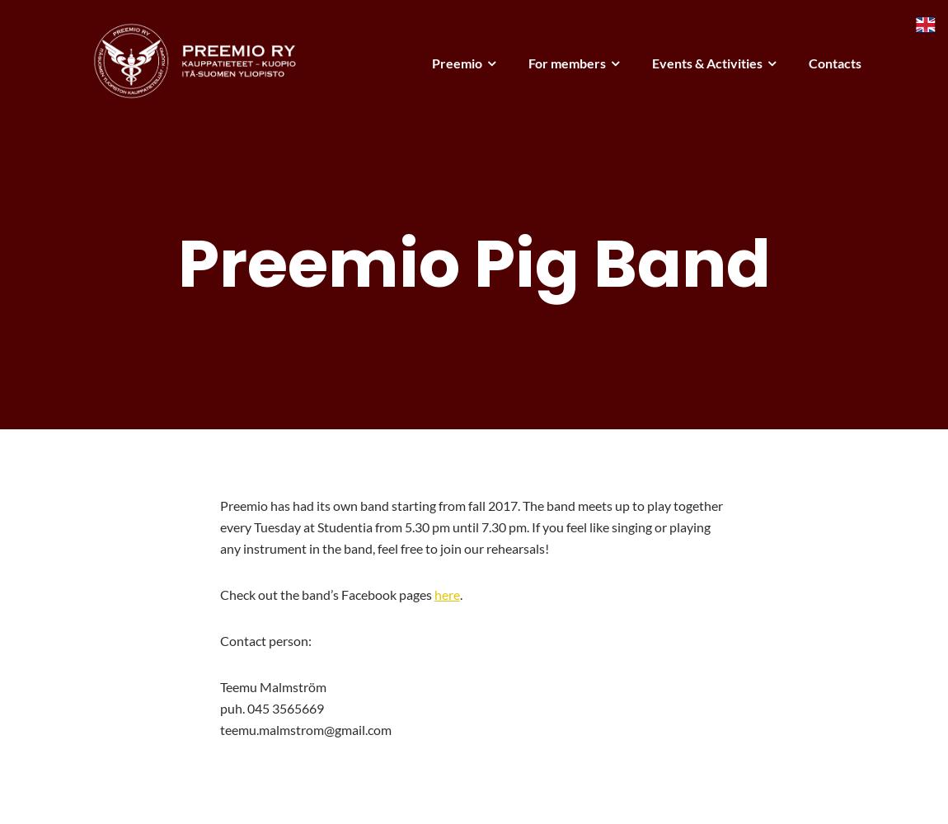 The width and height of the screenshot is (948, 824). Describe the element at coordinates (667, 143) in the screenshot. I see `'Annual Ball'` at that location.